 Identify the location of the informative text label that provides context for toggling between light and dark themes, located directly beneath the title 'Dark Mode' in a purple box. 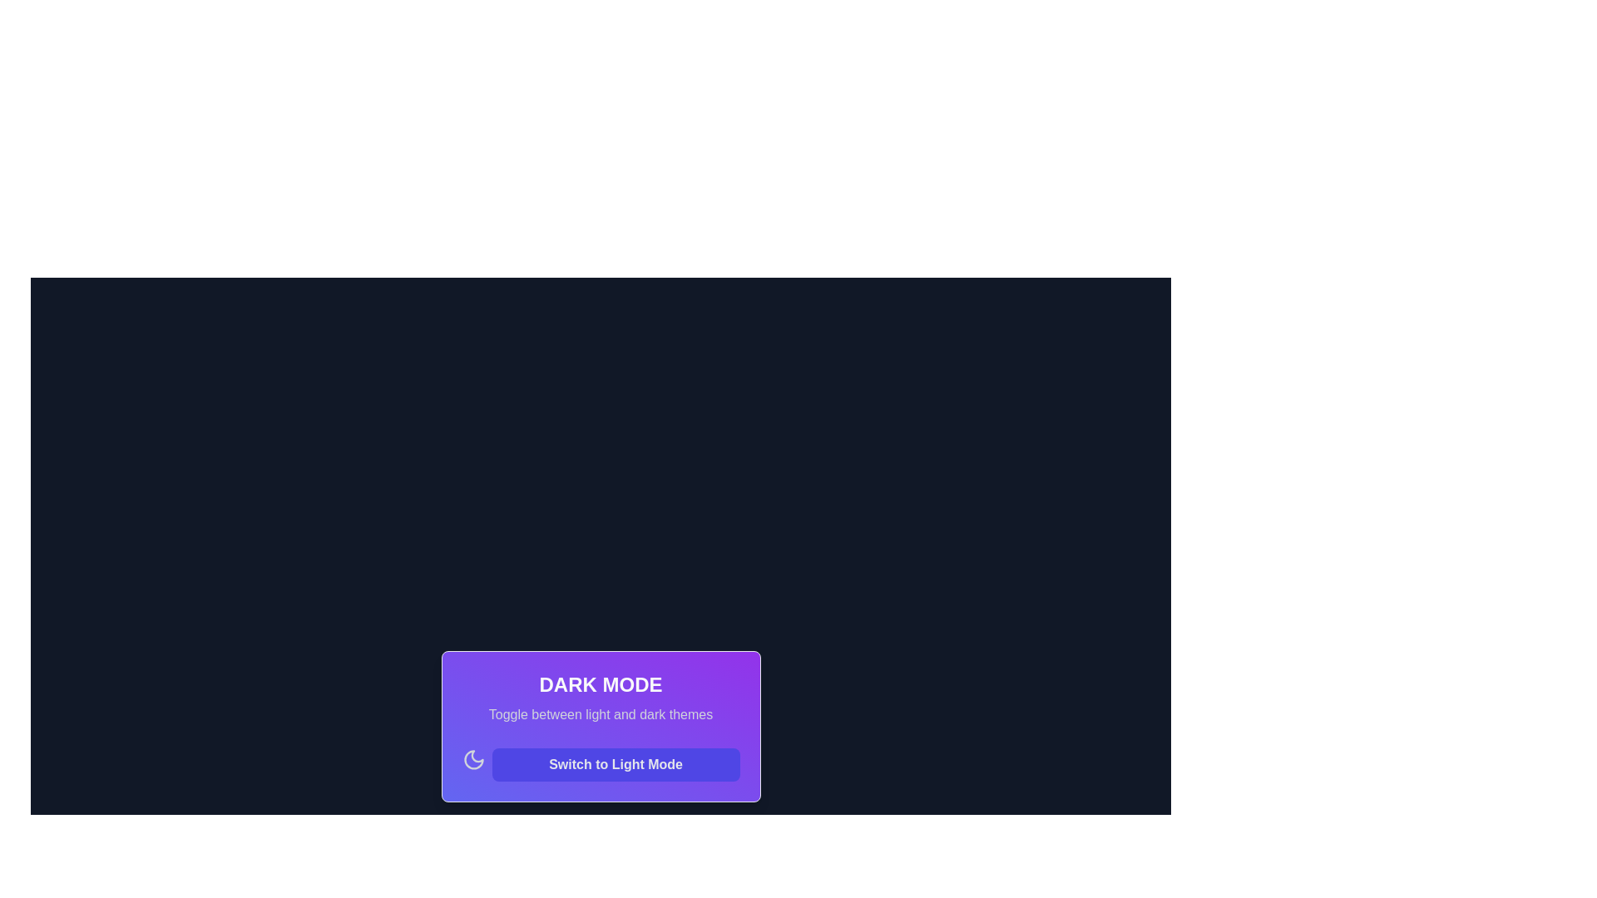
(600, 714).